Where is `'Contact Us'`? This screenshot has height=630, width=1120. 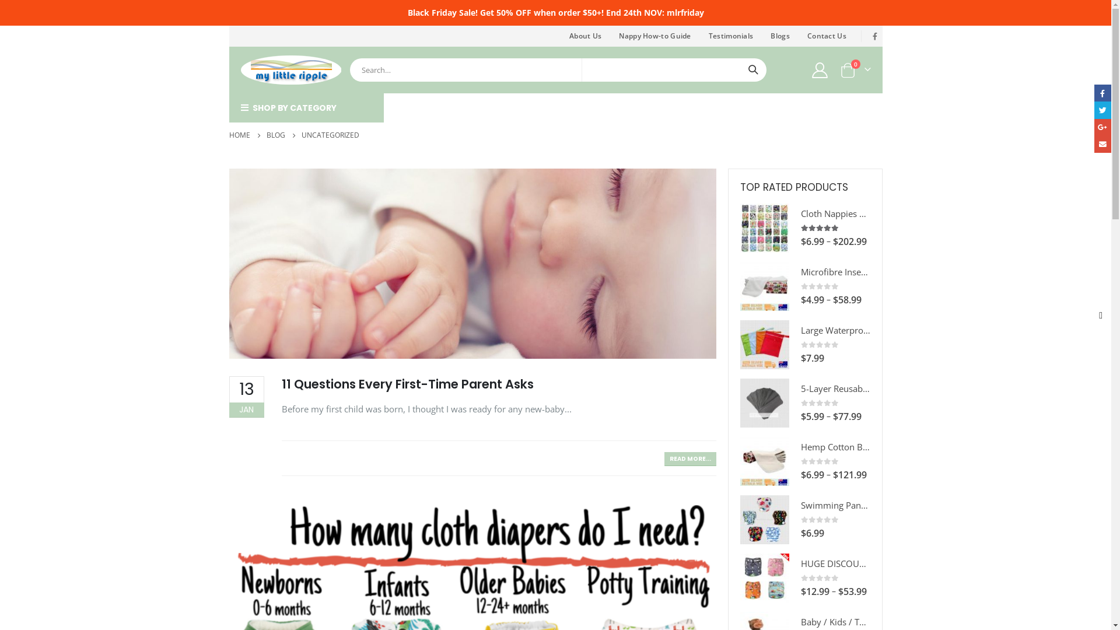 'Contact Us' is located at coordinates (826, 35).